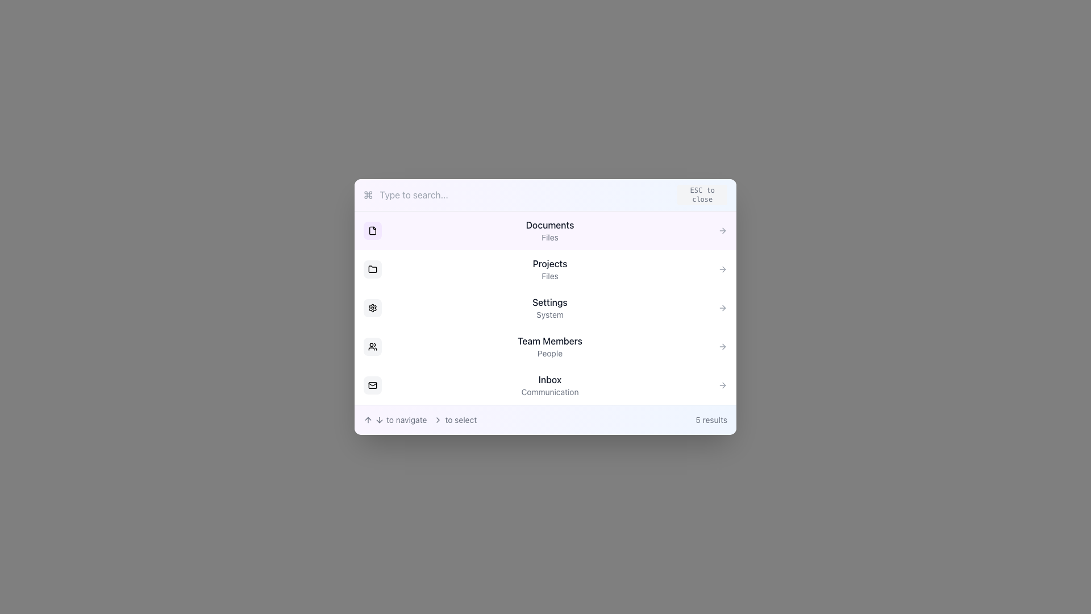 The image size is (1091, 614). What do you see at coordinates (373, 230) in the screenshot?
I see `the 'Documents' icon located at the top-left corner of the main list in the menu, which visually represents the 'Documents' section` at bounding box center [373, 230].